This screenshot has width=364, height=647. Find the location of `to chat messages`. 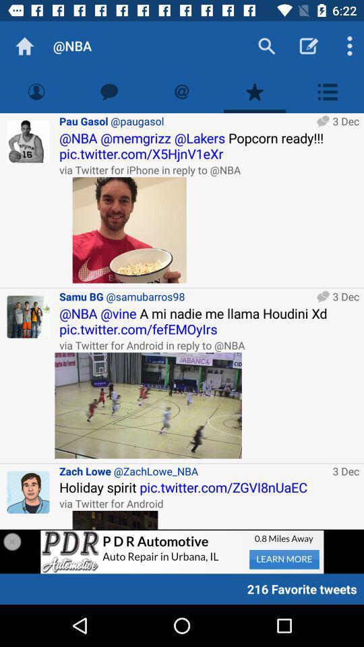

to chat messages is located at coordinates (109, 91).